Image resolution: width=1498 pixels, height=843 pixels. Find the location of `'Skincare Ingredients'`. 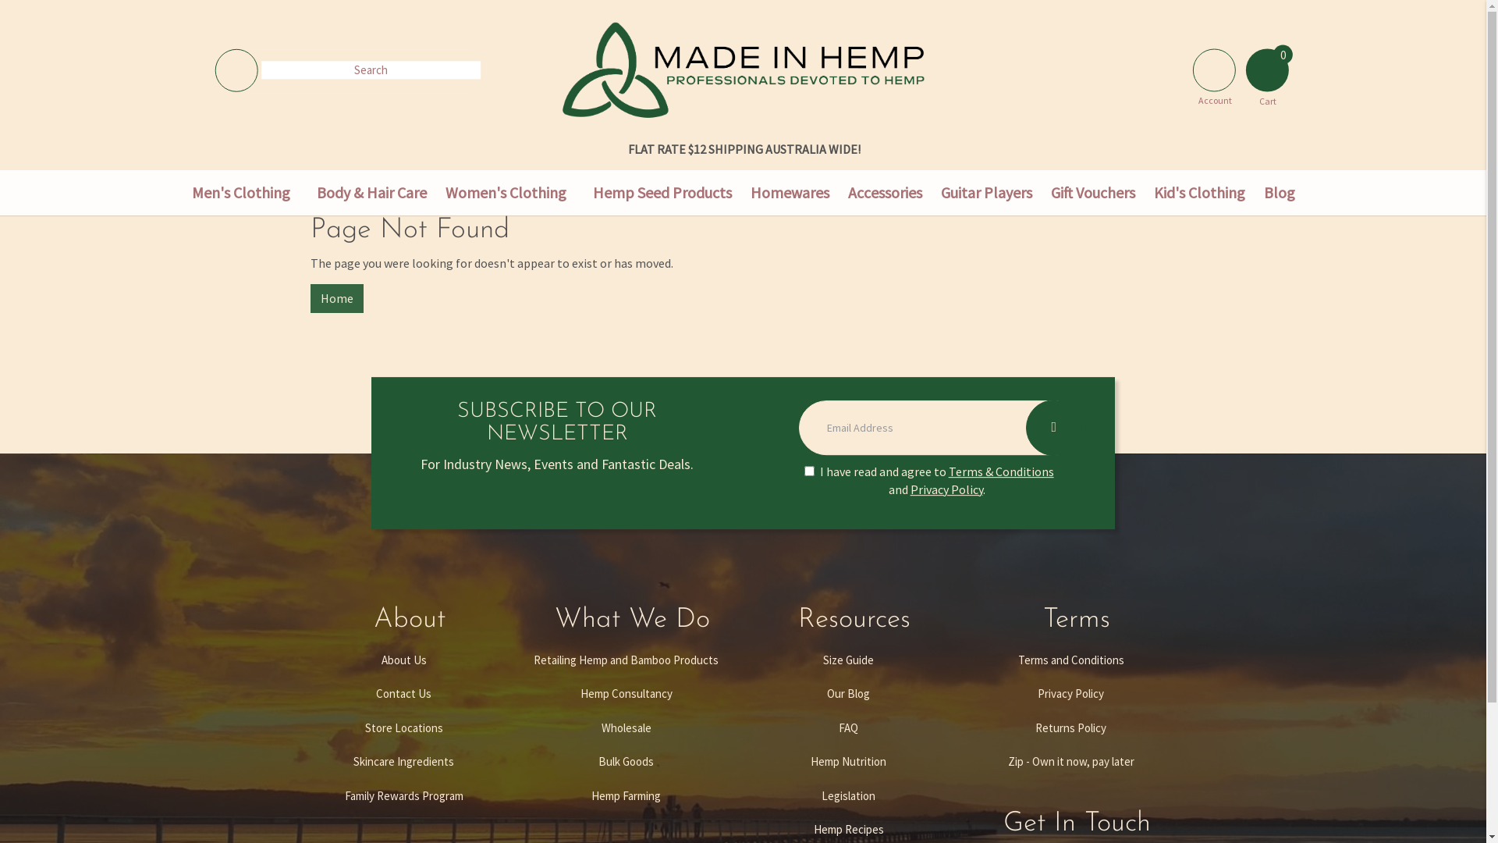

'Skincare Ingredients' is located at coordinates (403, 760).